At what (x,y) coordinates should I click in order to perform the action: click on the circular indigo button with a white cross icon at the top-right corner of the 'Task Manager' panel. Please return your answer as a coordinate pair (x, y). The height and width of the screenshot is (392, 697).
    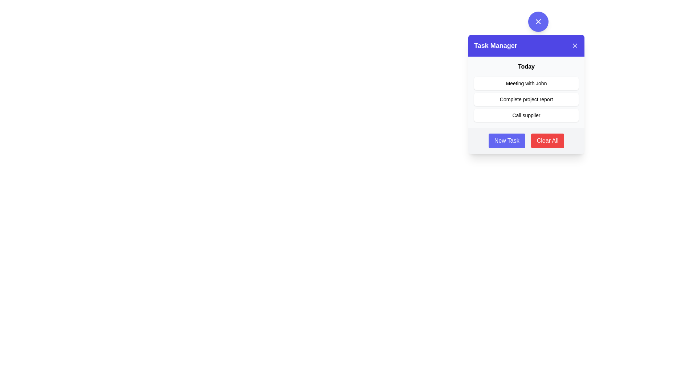
    Looking at the image, I should click on (538, 21).